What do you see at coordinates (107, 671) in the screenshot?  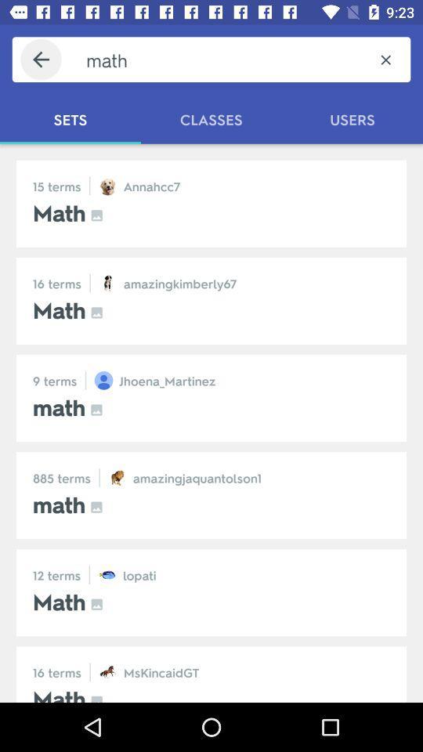 I see `horse image which is after 16 terms on the page` at bounding box center [107, 671].